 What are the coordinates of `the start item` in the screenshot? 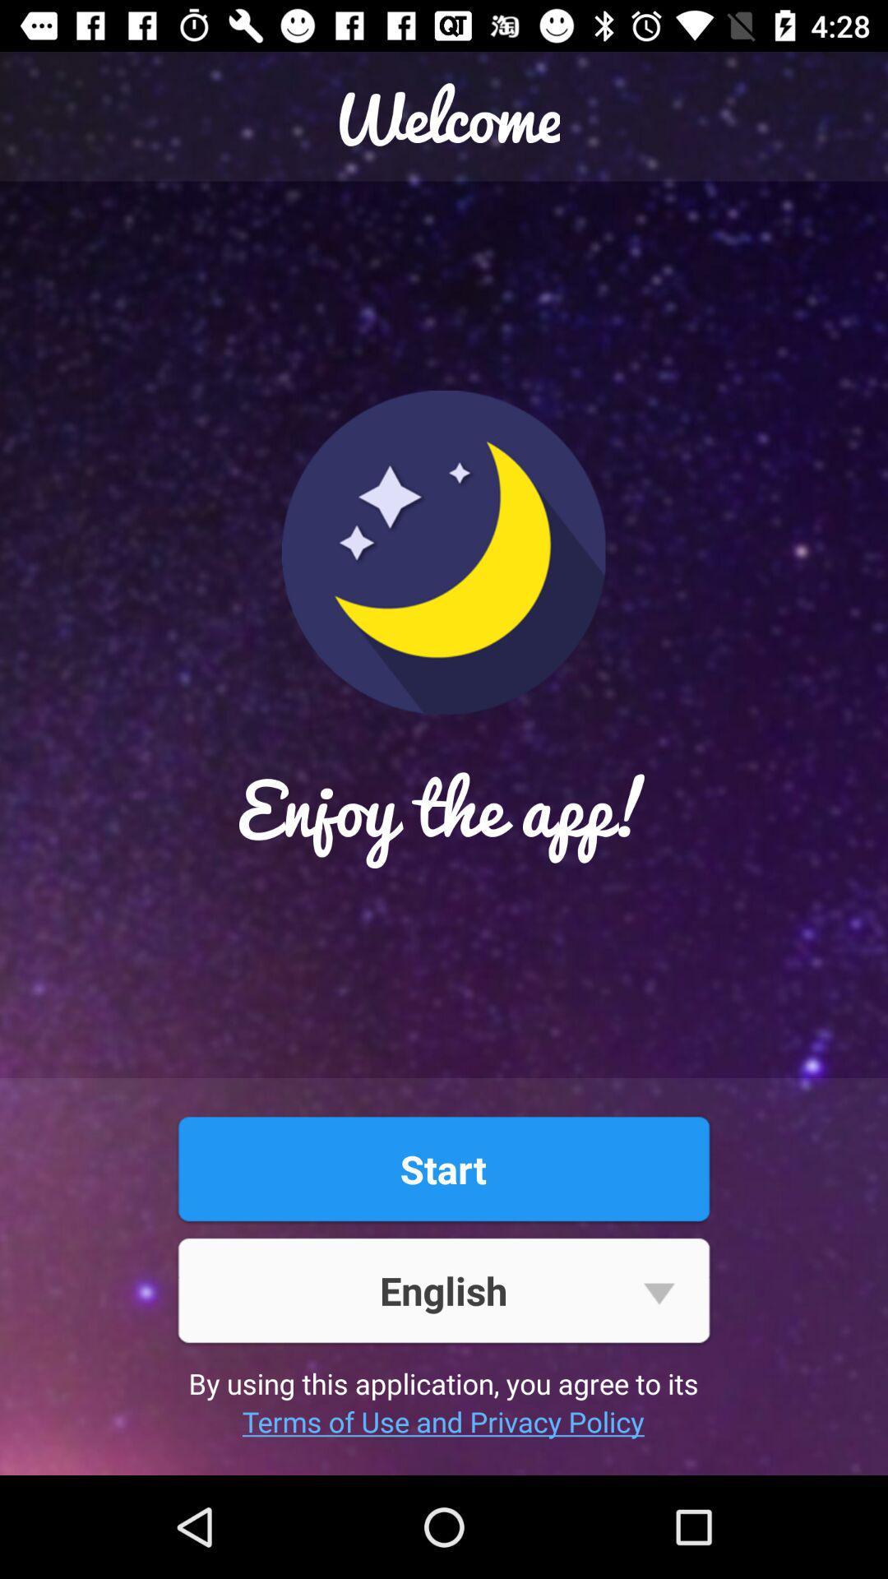 It's located at (442, 1168).